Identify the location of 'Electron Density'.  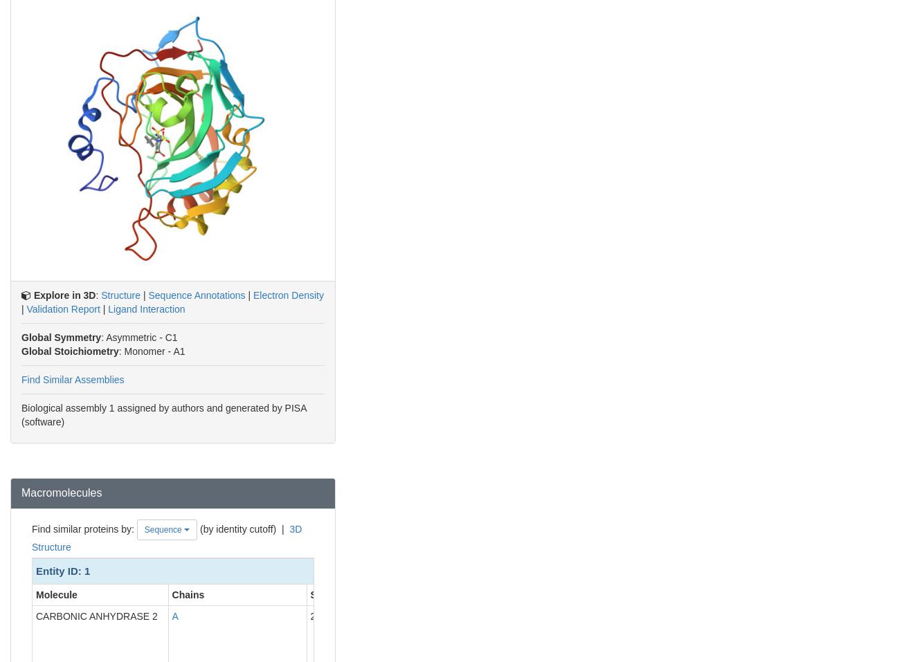
(288, 293).